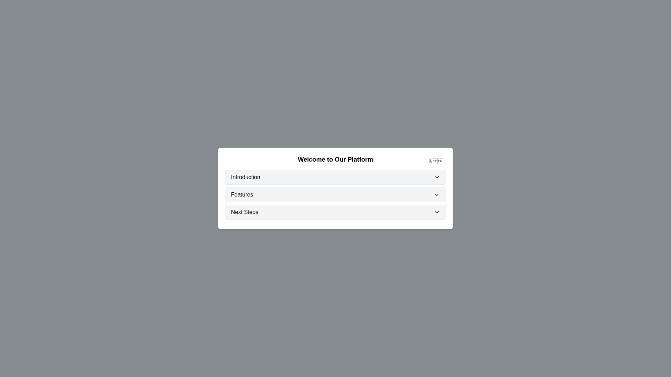  What do you see at coordinates (335, 188) in the screenshot?
I see `the modal containing the nested dropdown fields labeled 'Introduction', 'Features', and 'Next Steps'` at bounding box center [335, 188].